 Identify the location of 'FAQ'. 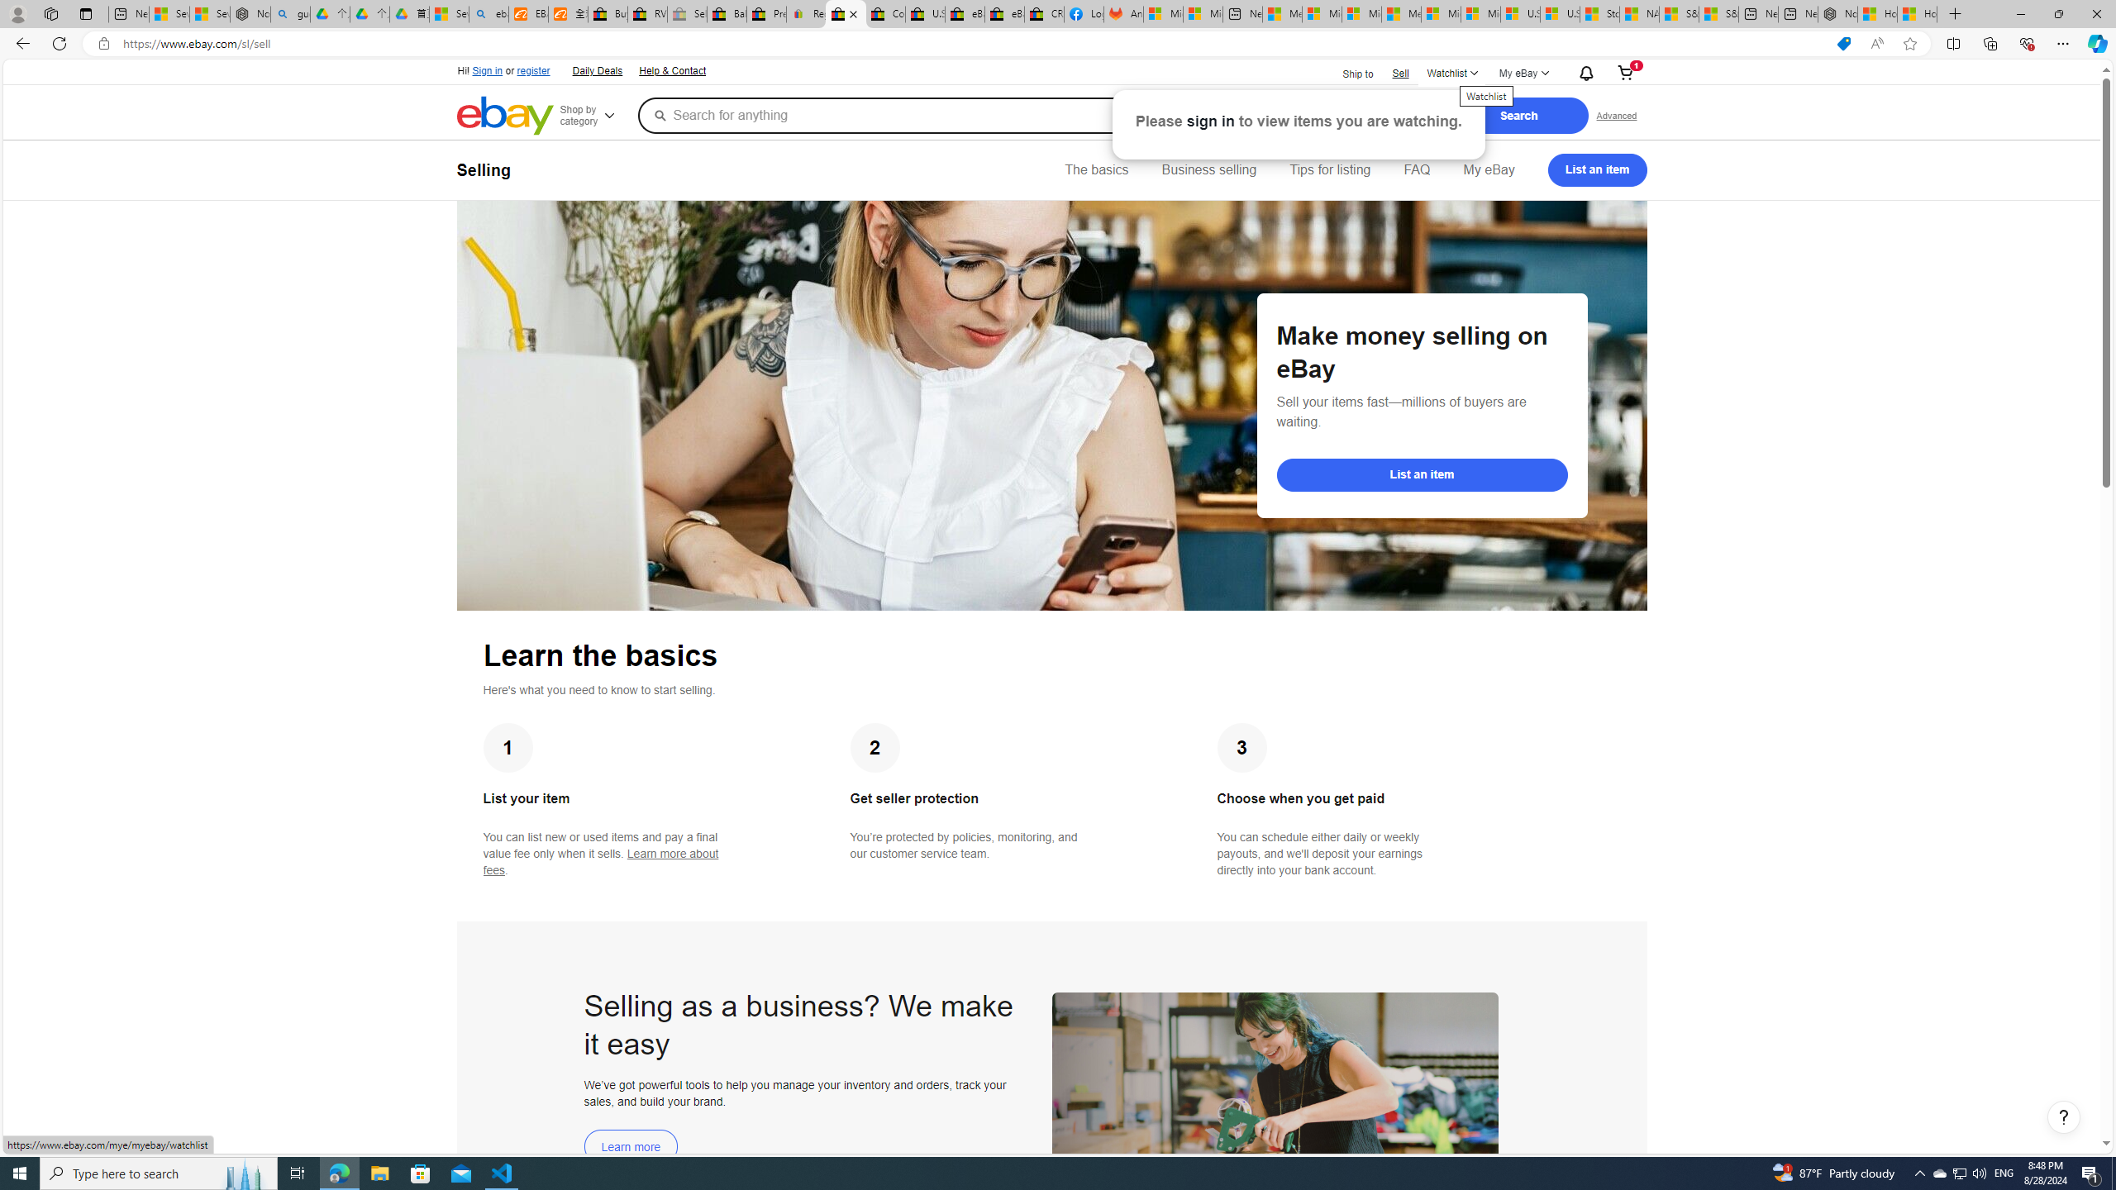
(1415, 169).